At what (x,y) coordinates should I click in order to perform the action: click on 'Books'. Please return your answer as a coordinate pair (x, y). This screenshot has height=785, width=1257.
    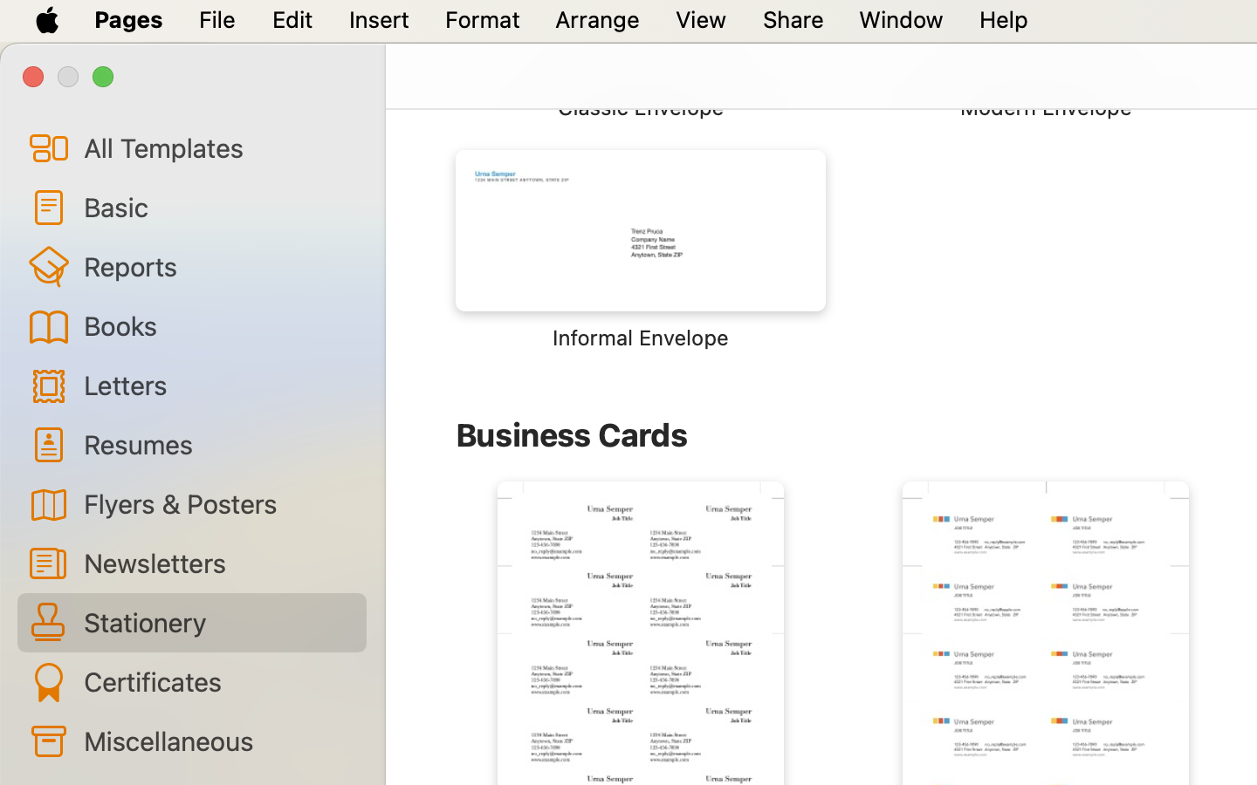
    Looking at the image, I should click on (216, 324).